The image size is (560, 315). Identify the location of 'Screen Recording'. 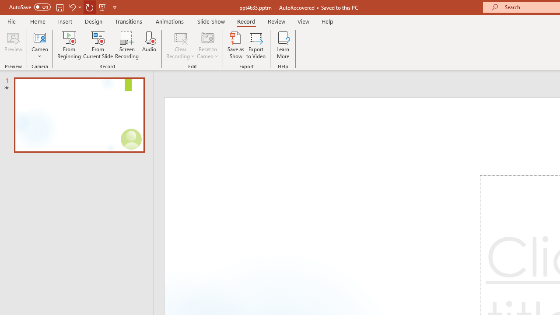
(126, 45).